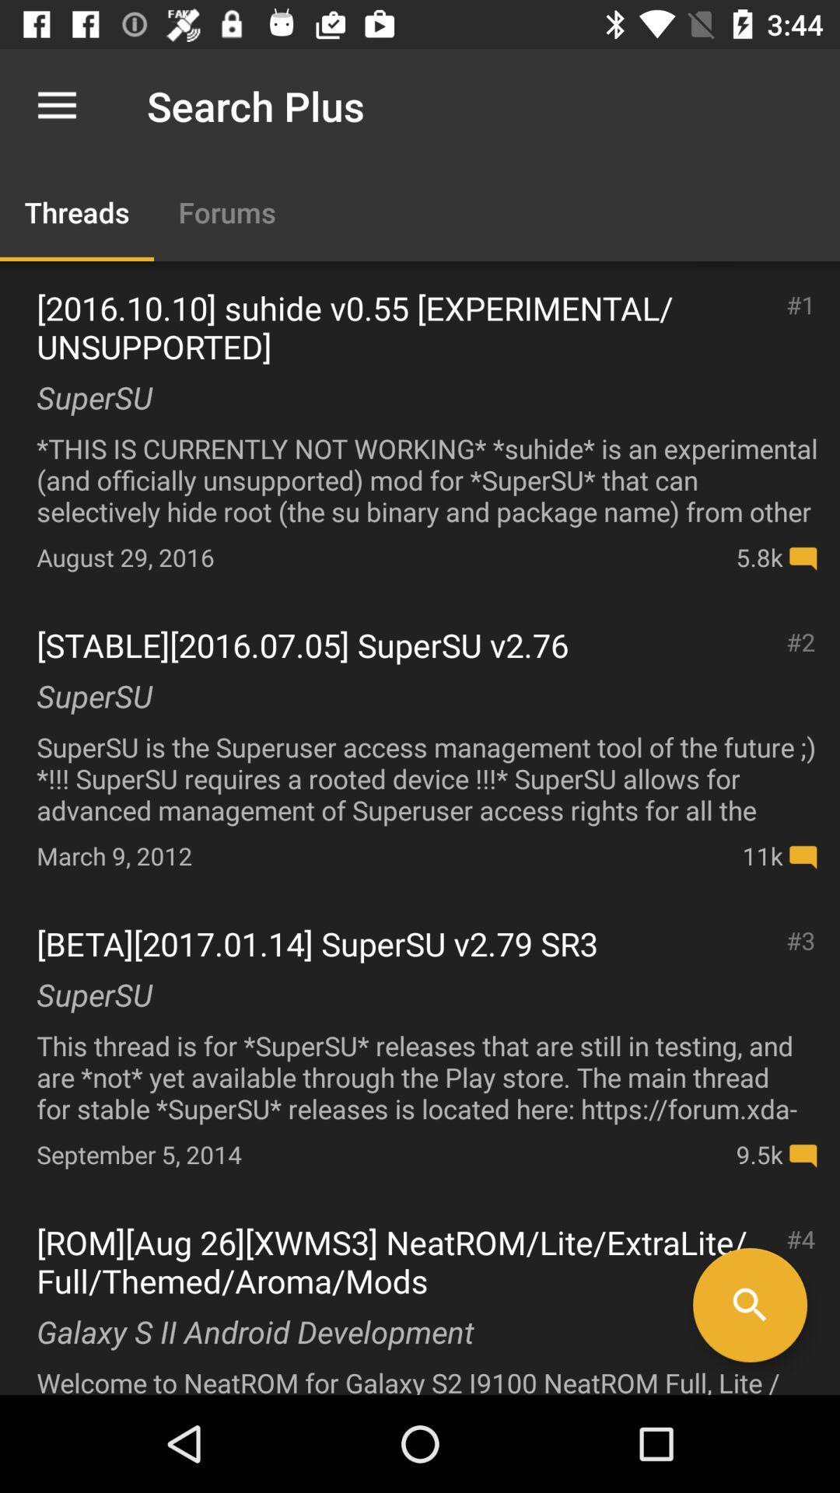 This screenshot has width=840, height=1493. Describe the element at coordinates (749, 1305) in the screenshot. I see `search` at that location.